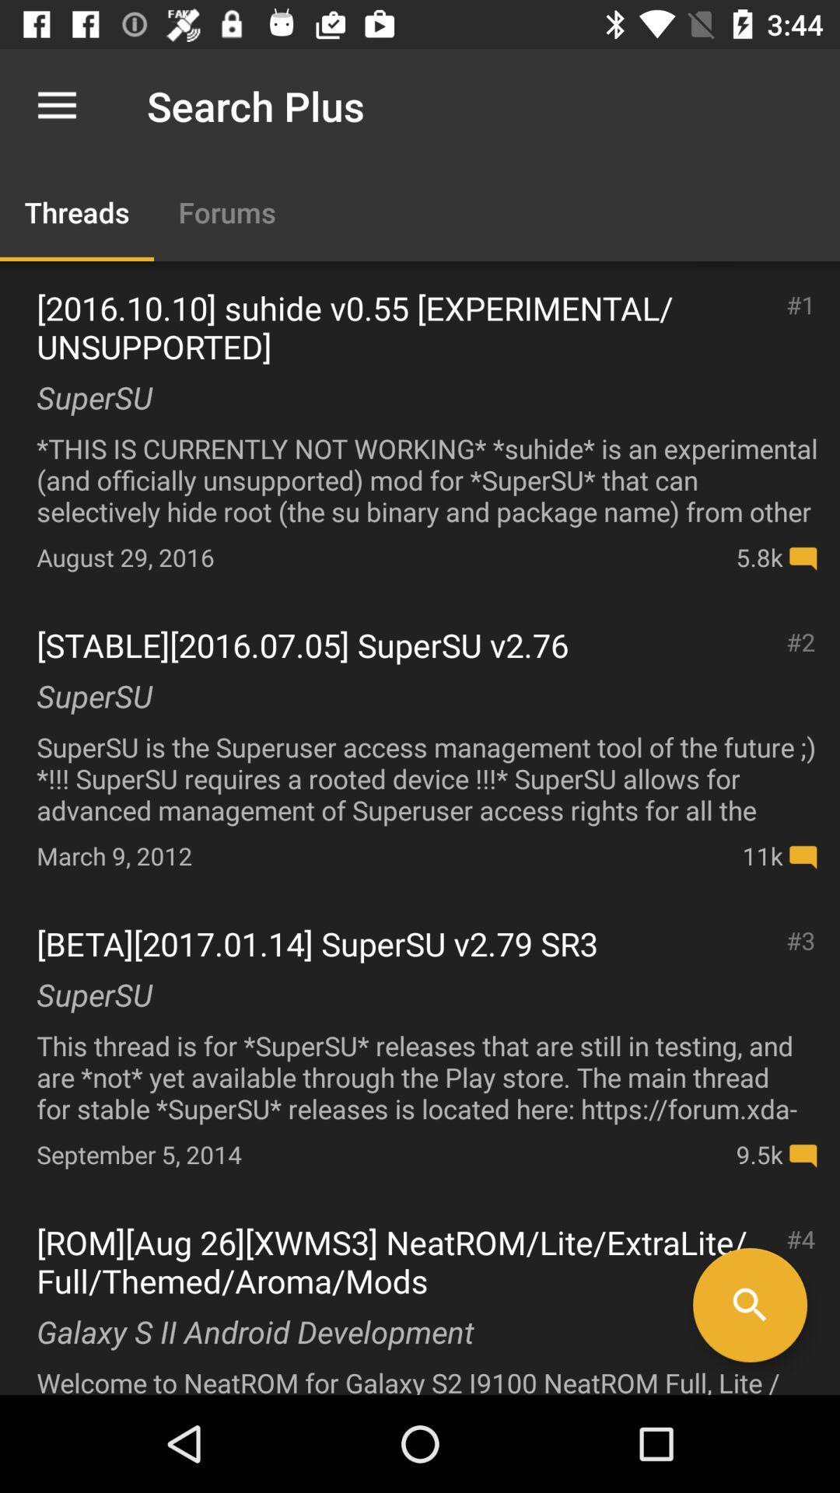 This screenshot has width=840, height=1493. Describe the element at coordinates (749, 1305) in the screenshot. I see `search` at that location.